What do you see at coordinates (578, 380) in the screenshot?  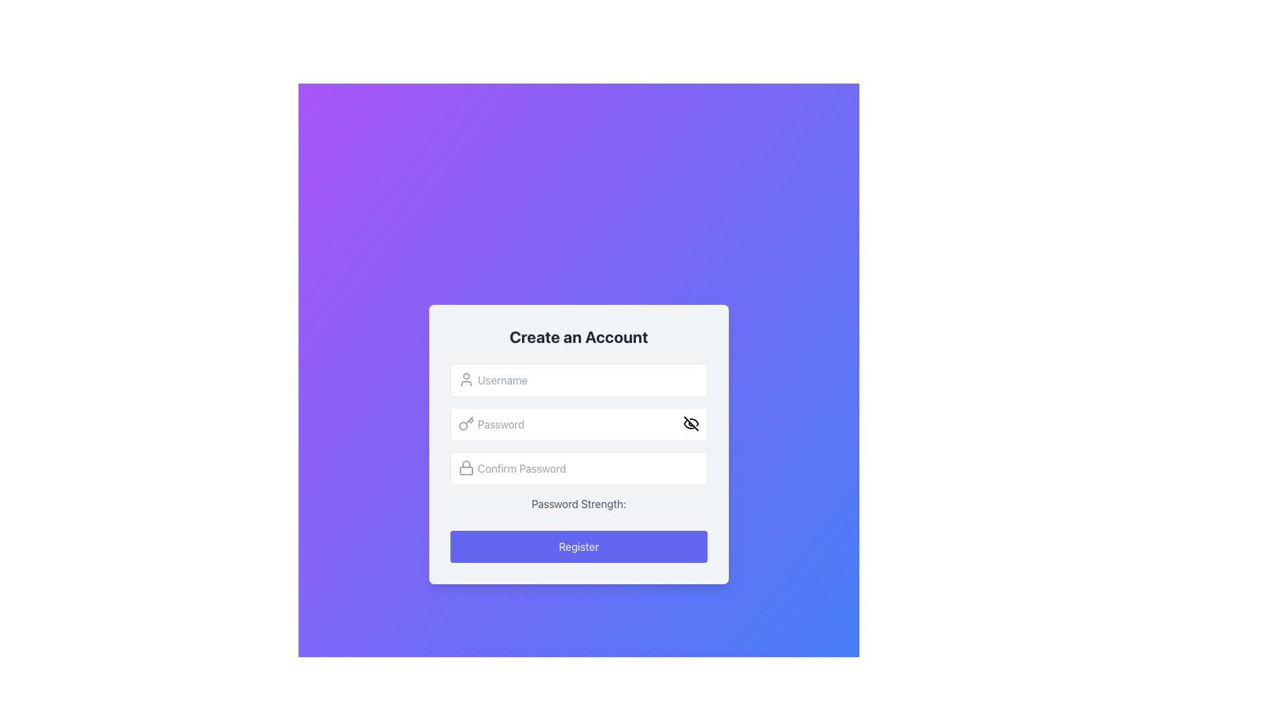 I see `the text input field for 'Username' located at the top of the registration form by clicking on it` at bounding box center [578, 380].